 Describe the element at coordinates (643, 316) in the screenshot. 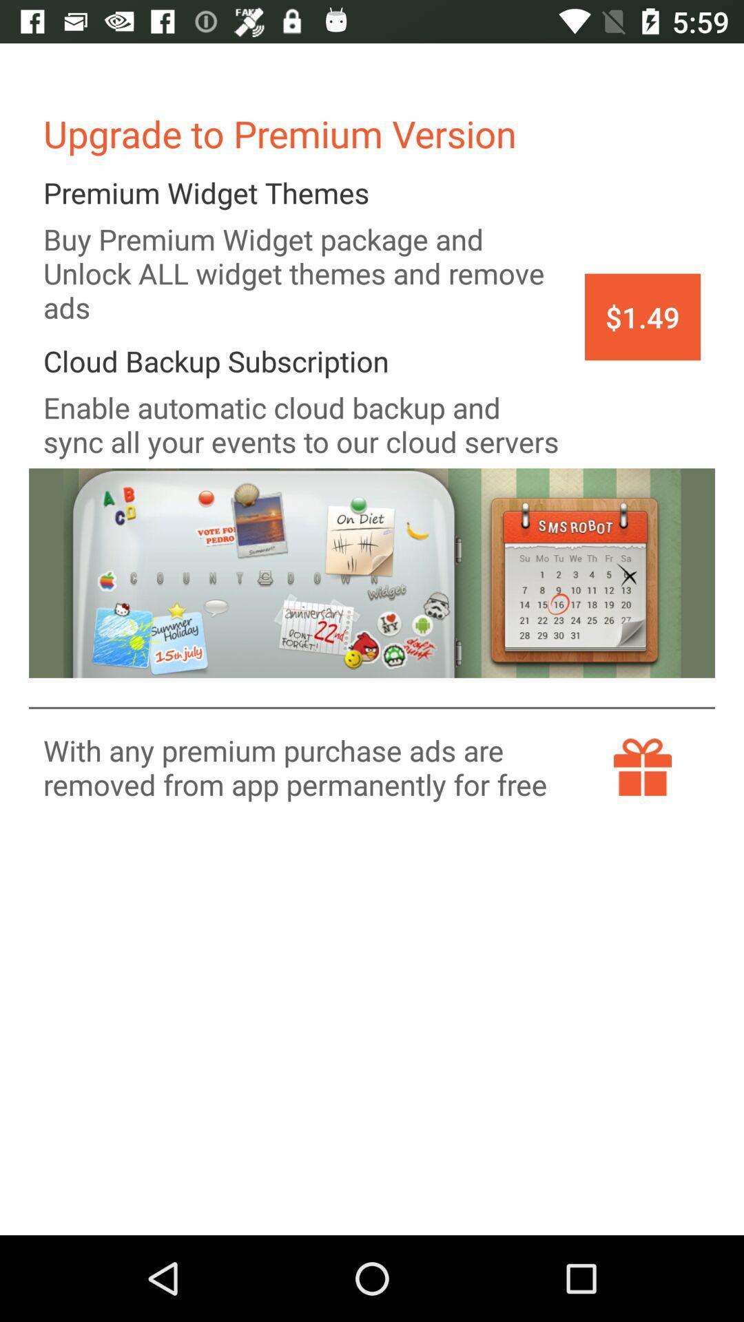

I see `the $1.49 item` at that location.